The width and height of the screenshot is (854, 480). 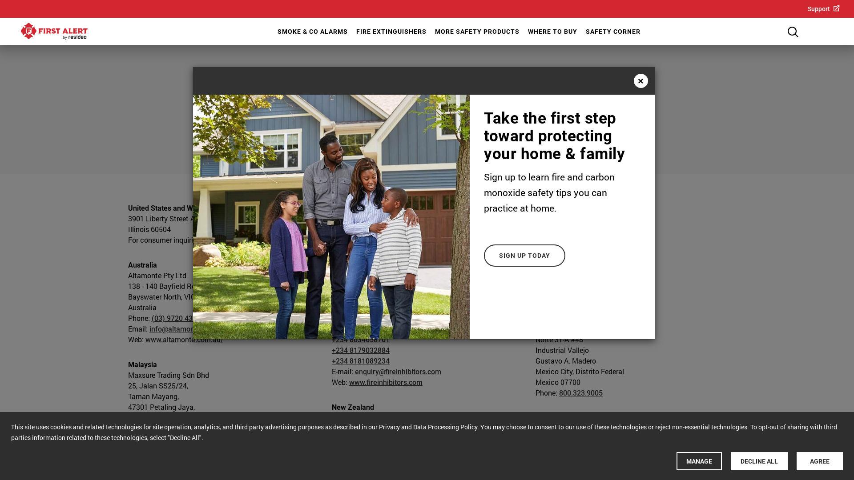 What do you see at coordinates (354, 31) in the screenshot?
I see `'FIRE EXTINGUISHERS'` at bounding box center [354, 31].